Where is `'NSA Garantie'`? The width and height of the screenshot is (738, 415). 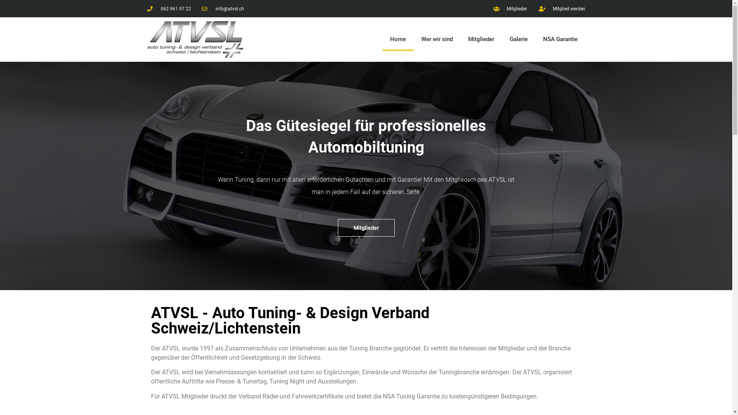 'NSA Garantie' is located at coordinates (560, 39).